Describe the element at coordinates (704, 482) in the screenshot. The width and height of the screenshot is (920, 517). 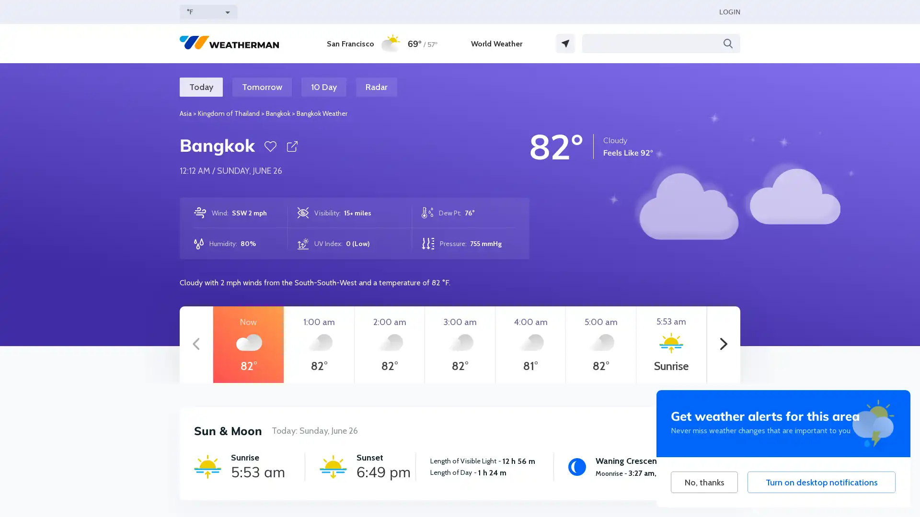
I see `No, thanks` at that location.